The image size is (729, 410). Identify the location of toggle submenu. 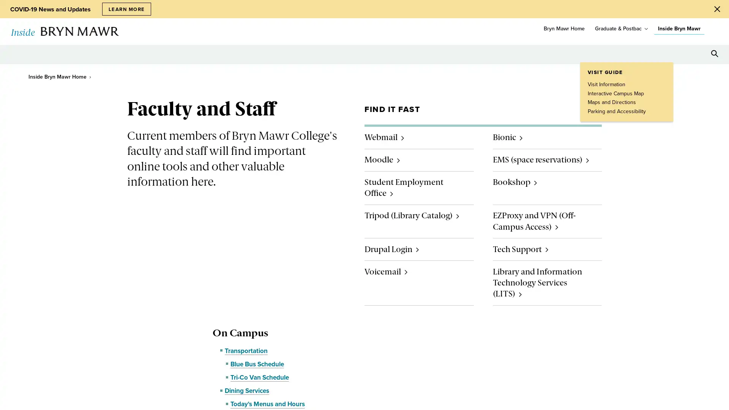
(87, 49).